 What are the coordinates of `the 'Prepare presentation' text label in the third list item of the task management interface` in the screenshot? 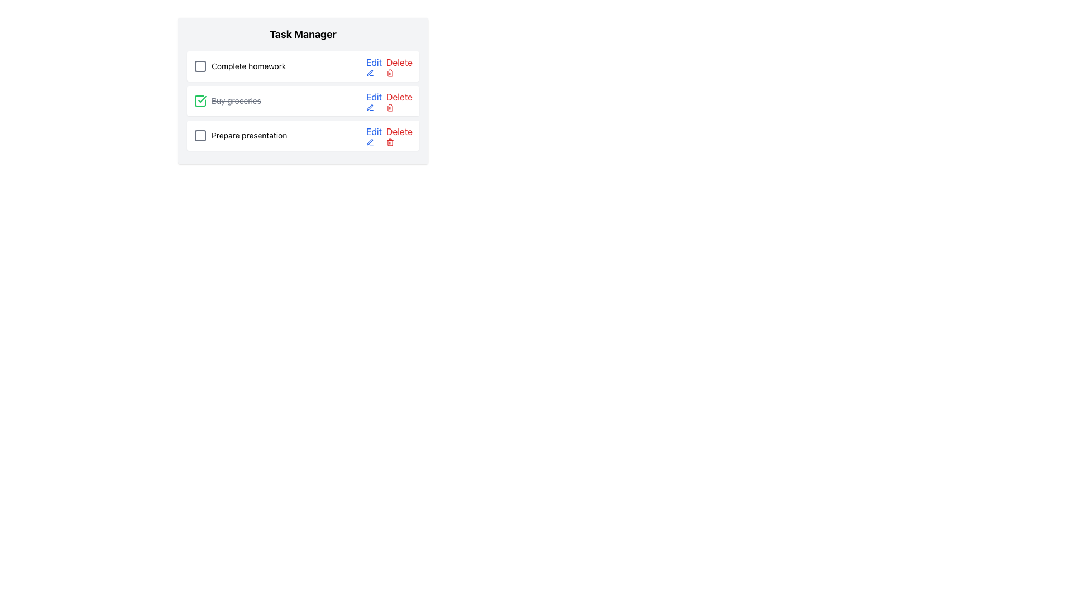 It's located at (248, 135).